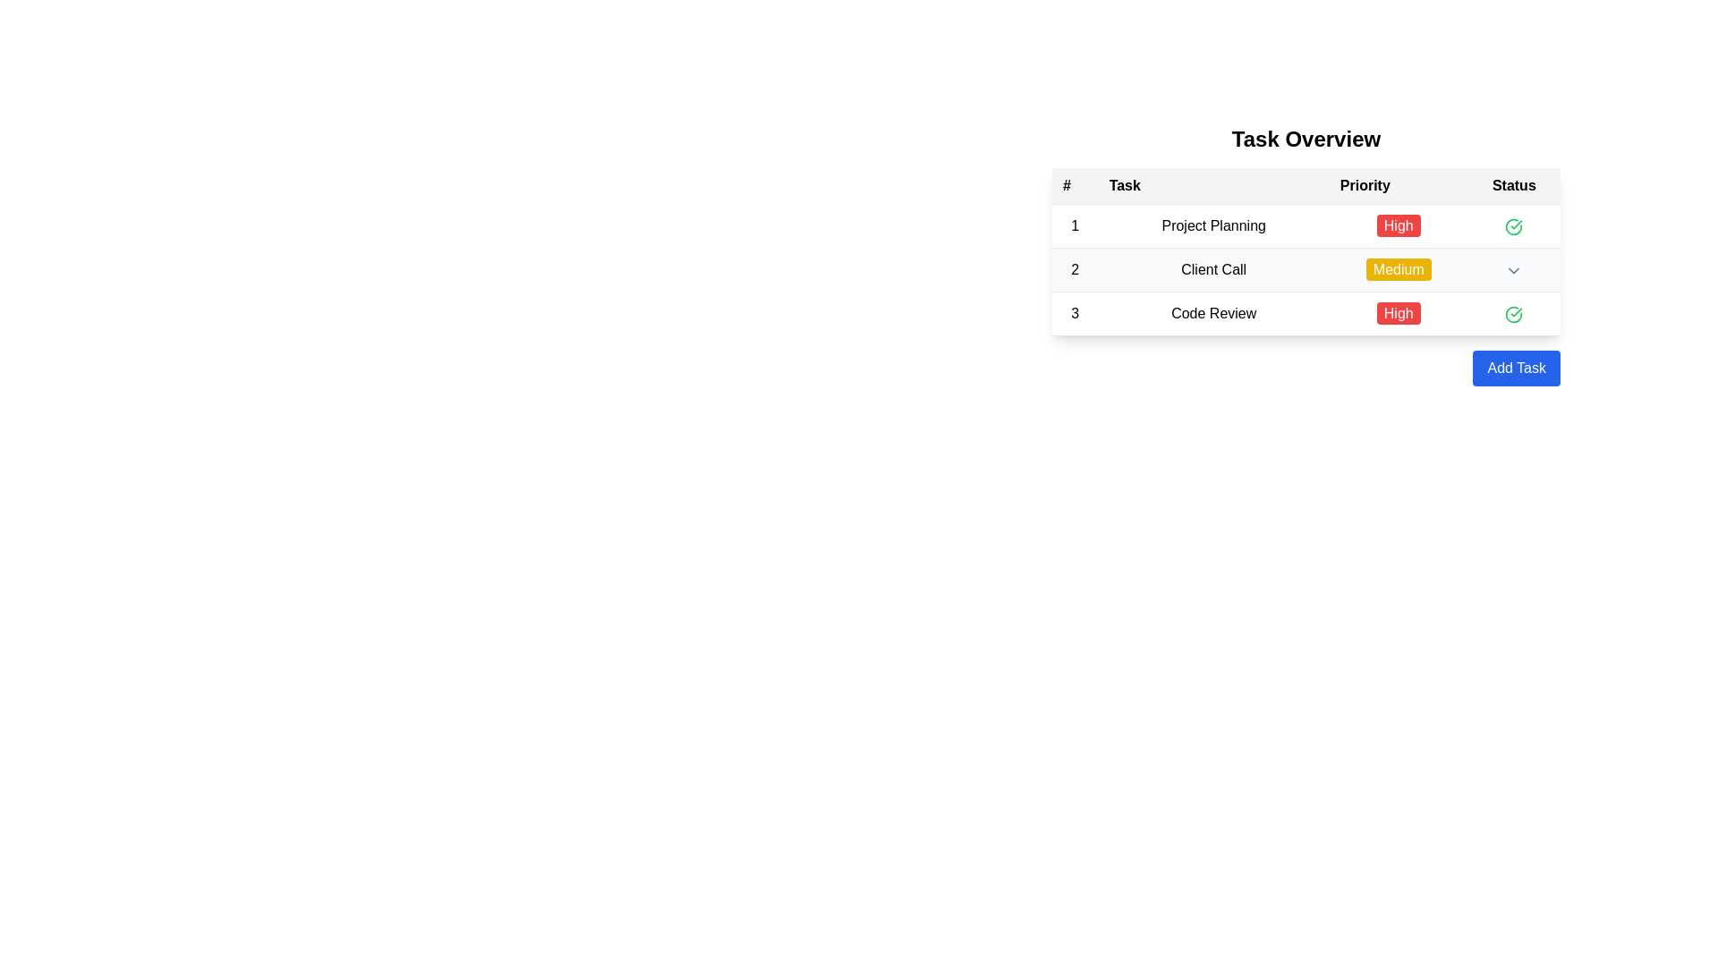 Image resolution: width=1718 pixels, height=966 pixels. What do you see at coordinates (1513, 186) in the screenshot?
I see `the 'Status' column header text label, which is the far-right element in the header row of the table, providing context for the data below` at bounding box center [1513, 186].